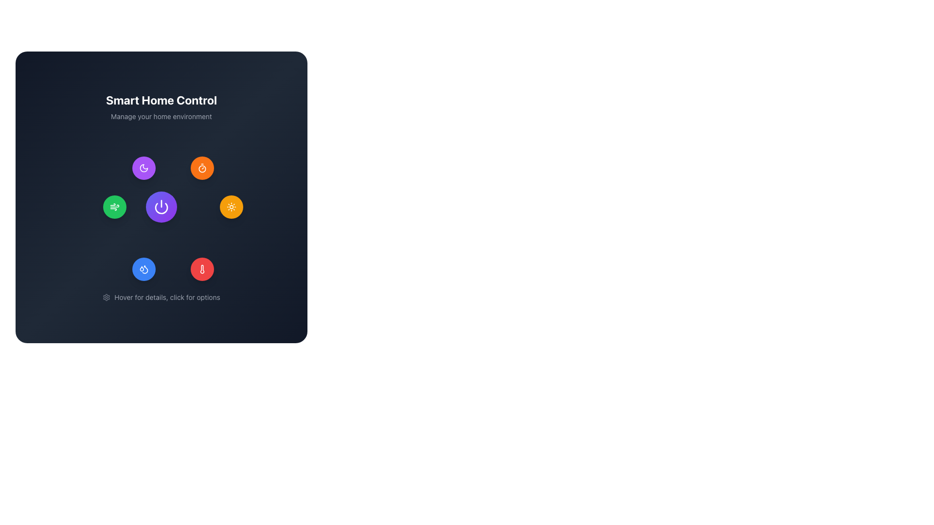 The height and width of the screenshot is (525, 934). What do you see at coordinates (144, 168) in the screenshot?
I see `the moon-like icon in the top-right corner, which is the fourth icon clockwise among a set of six circular icons arranged in a hexagonal pattern` at bounding box center [144, 168].